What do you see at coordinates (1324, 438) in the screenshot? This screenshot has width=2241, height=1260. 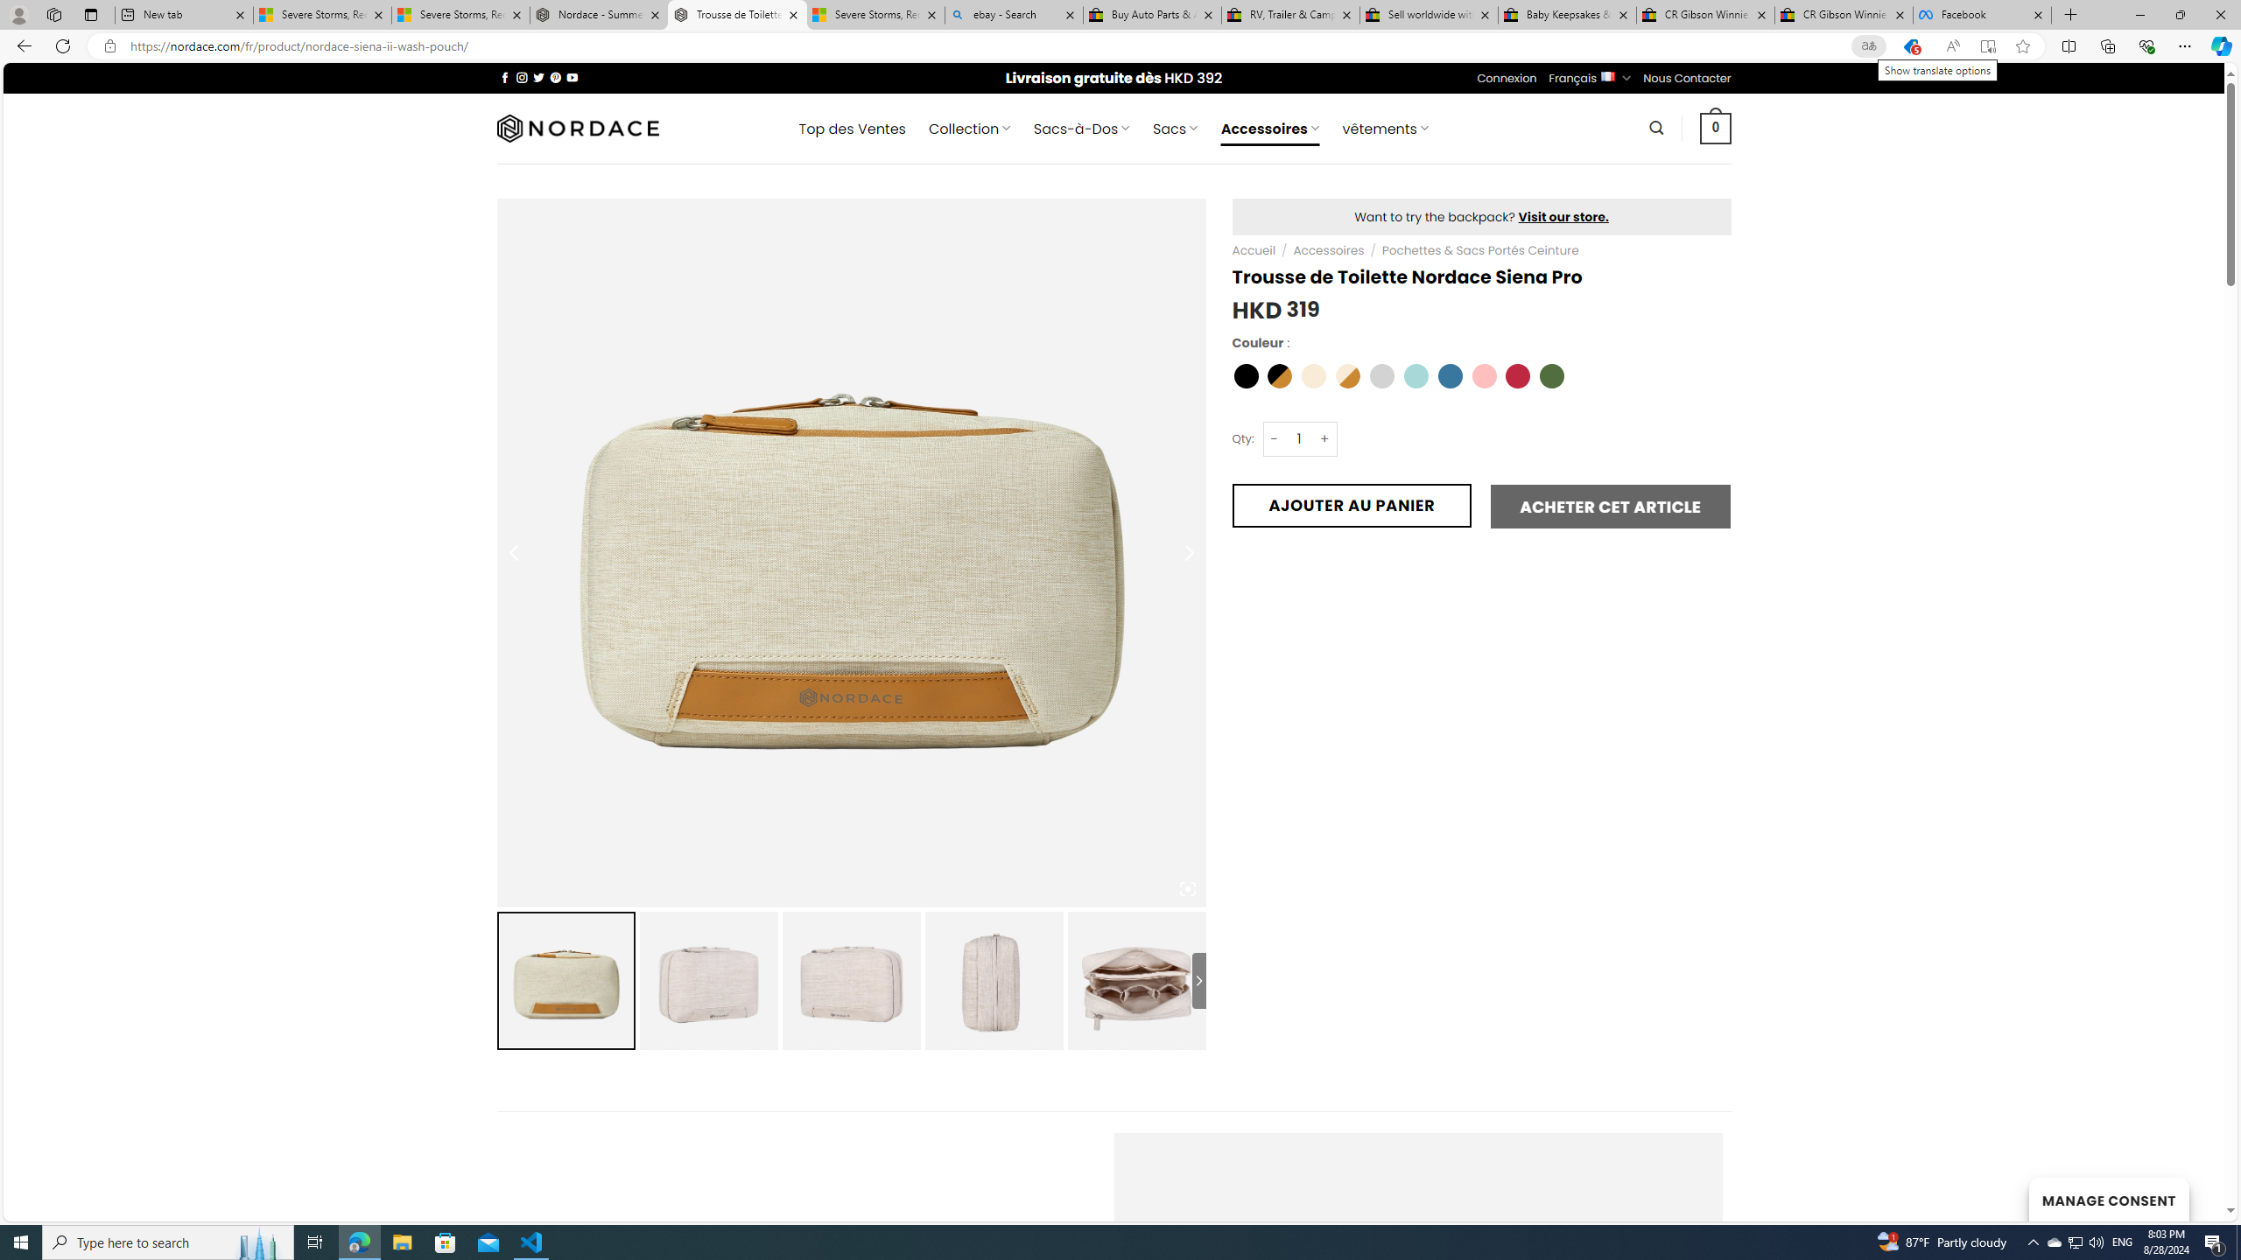 I see `'+'` at bounding box center [1324, 438].